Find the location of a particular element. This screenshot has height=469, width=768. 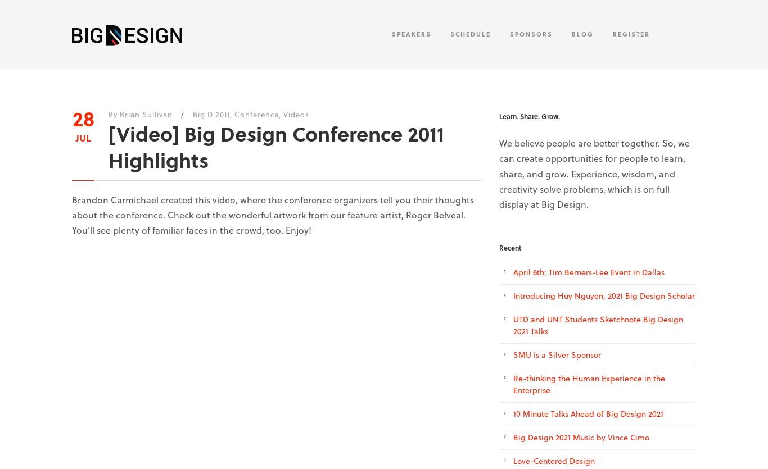

'Introducing Huy Nguyen, 2021 Big Design Scholar' is located at coordinates (513, 295).